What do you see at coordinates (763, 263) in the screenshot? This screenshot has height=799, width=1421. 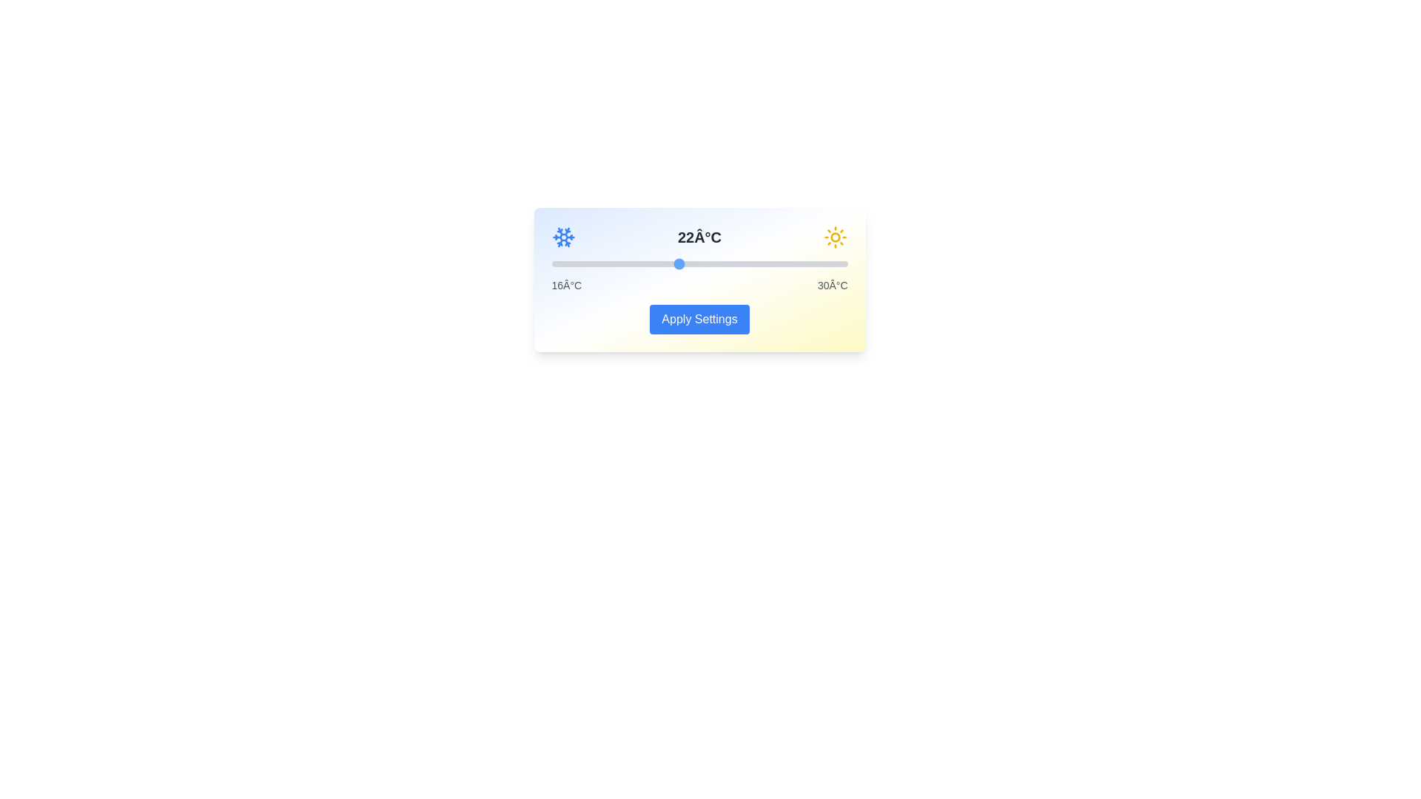 I see `the temperature slider to 26 degrees Celsius` at bounding box center [763, 263].